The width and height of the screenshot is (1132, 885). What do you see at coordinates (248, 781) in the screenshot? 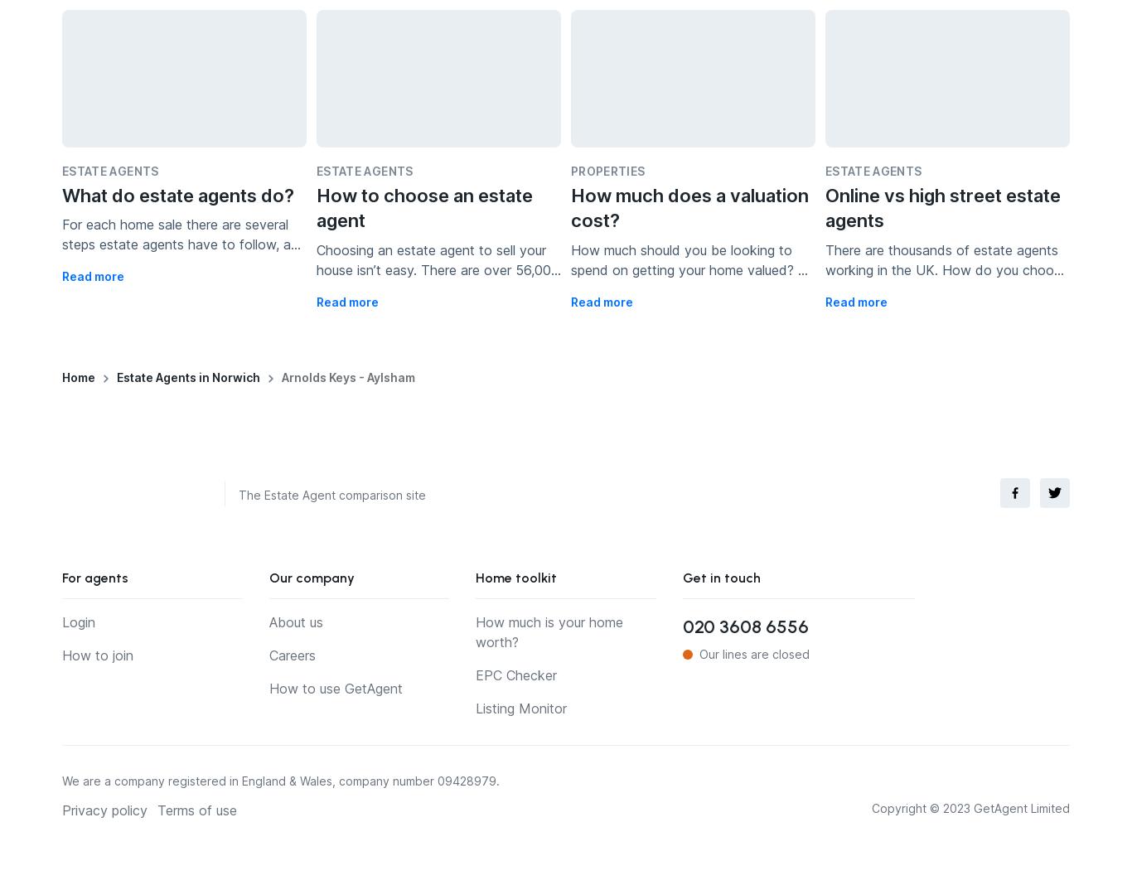
I see `'We are a company registered in England & Wales, company number'` at bounding box center [248, 781].